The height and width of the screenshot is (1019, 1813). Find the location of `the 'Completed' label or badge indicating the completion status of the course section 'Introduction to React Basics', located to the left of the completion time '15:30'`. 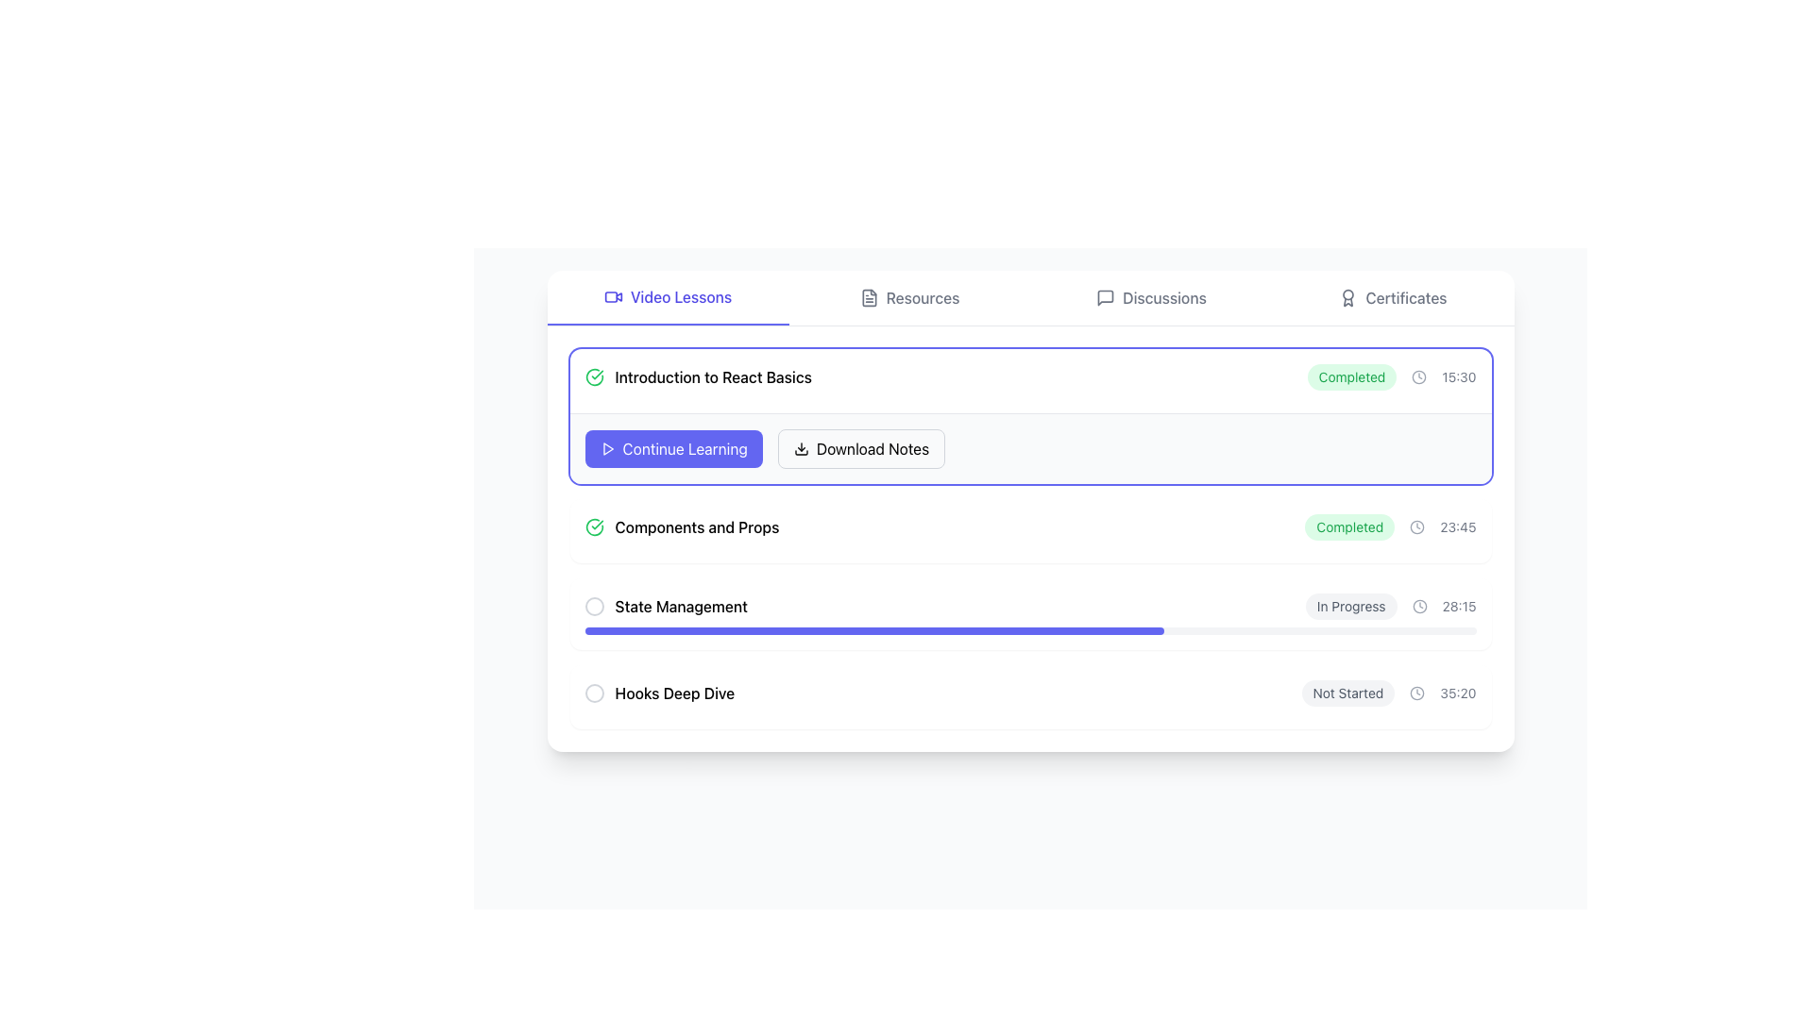

the 'Completed' label or badge indicating the completion status of the course section 'Introduction to React Basics', located to the left of the completion time '15:30' is located at coordinates (1350, 377).